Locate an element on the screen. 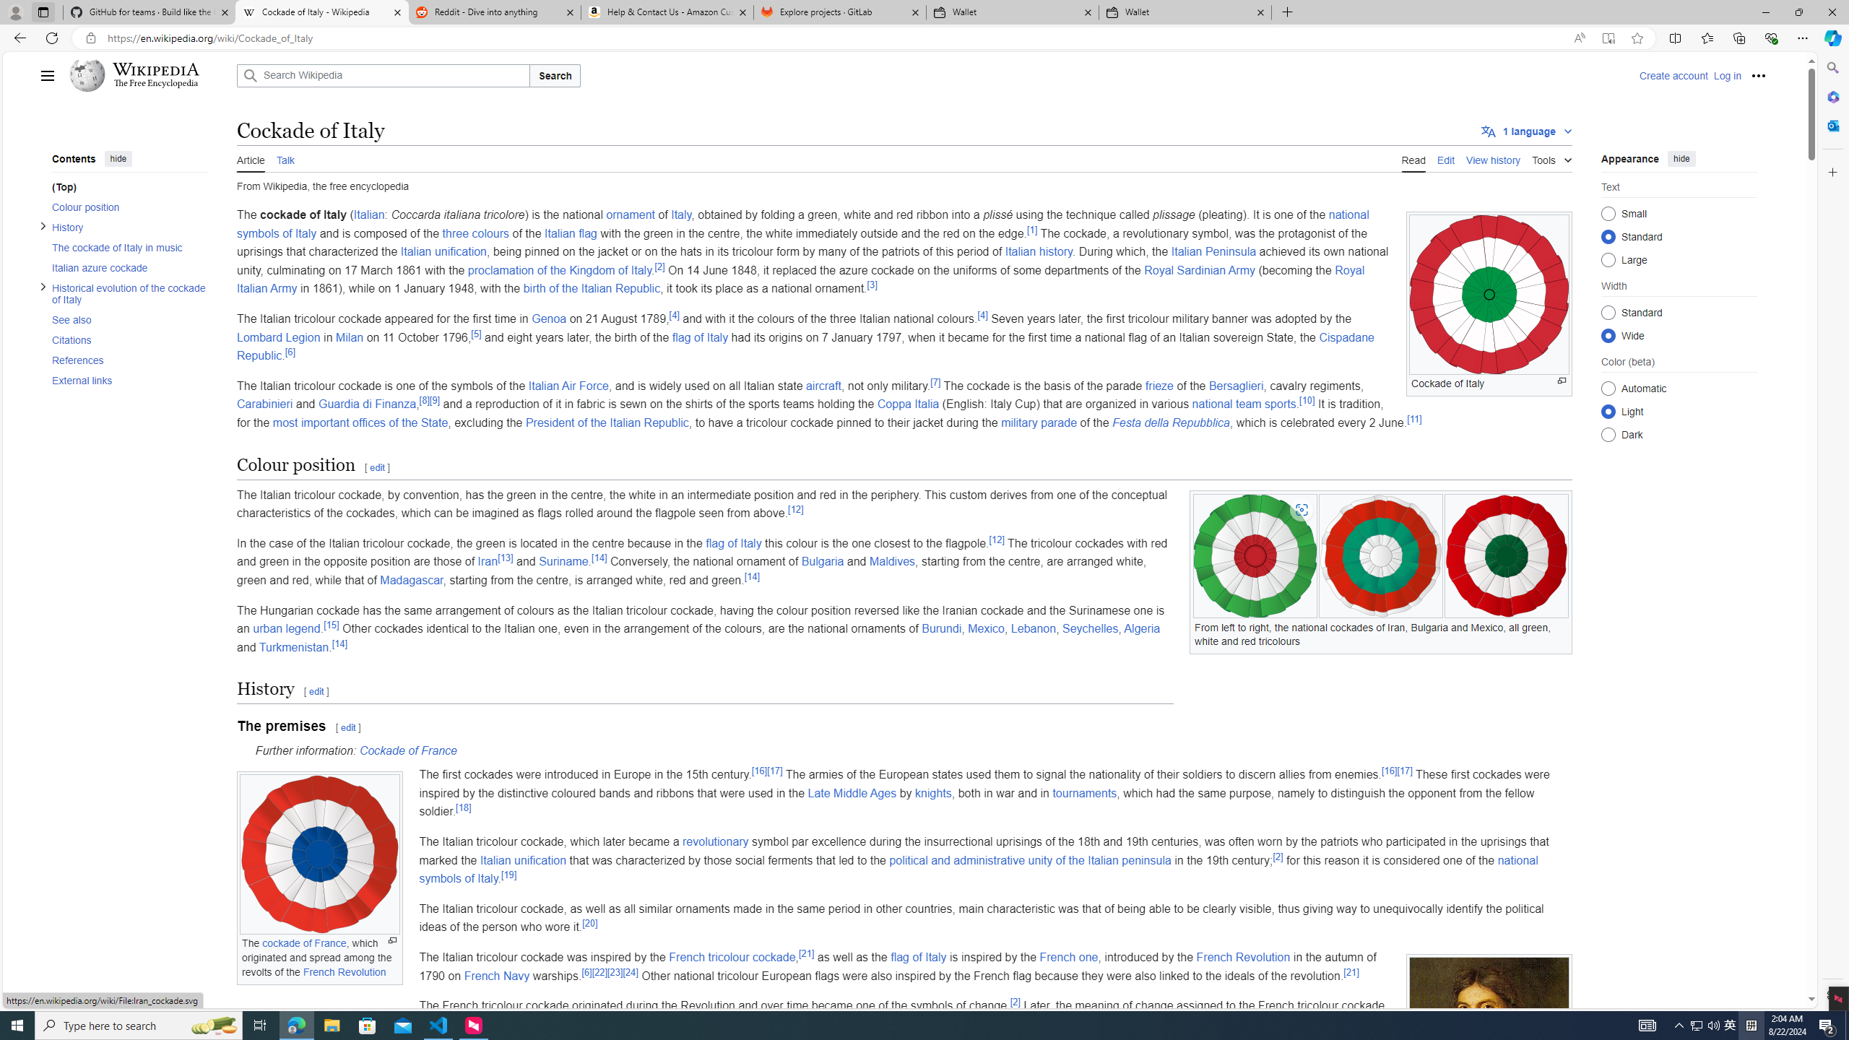 Image resolution: width=1849 pixels, height=1040 pixels. '[3]' is located at coordinates (872, 285).